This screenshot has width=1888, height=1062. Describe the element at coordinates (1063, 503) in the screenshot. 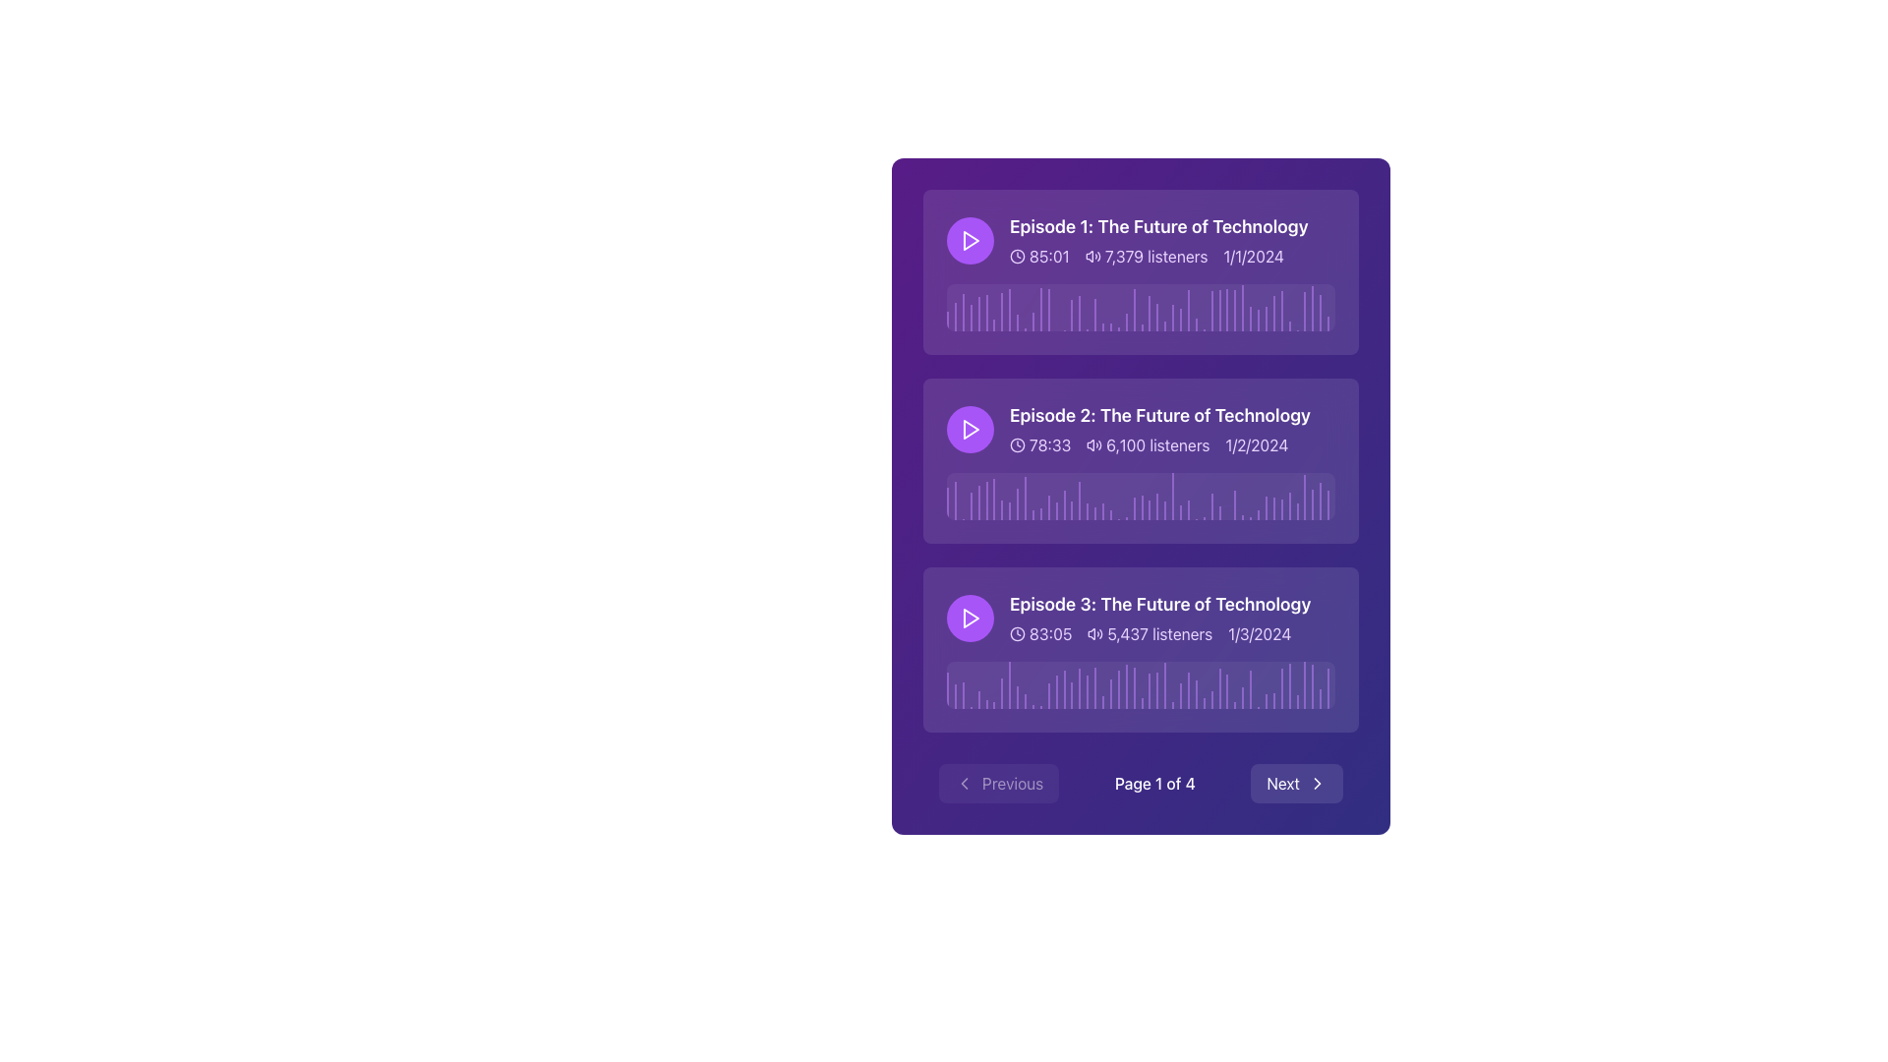

I see `the thin, vertical purple bar that serves as a visual marker in the second waveform progress bar of the list of three episodes` at that location.